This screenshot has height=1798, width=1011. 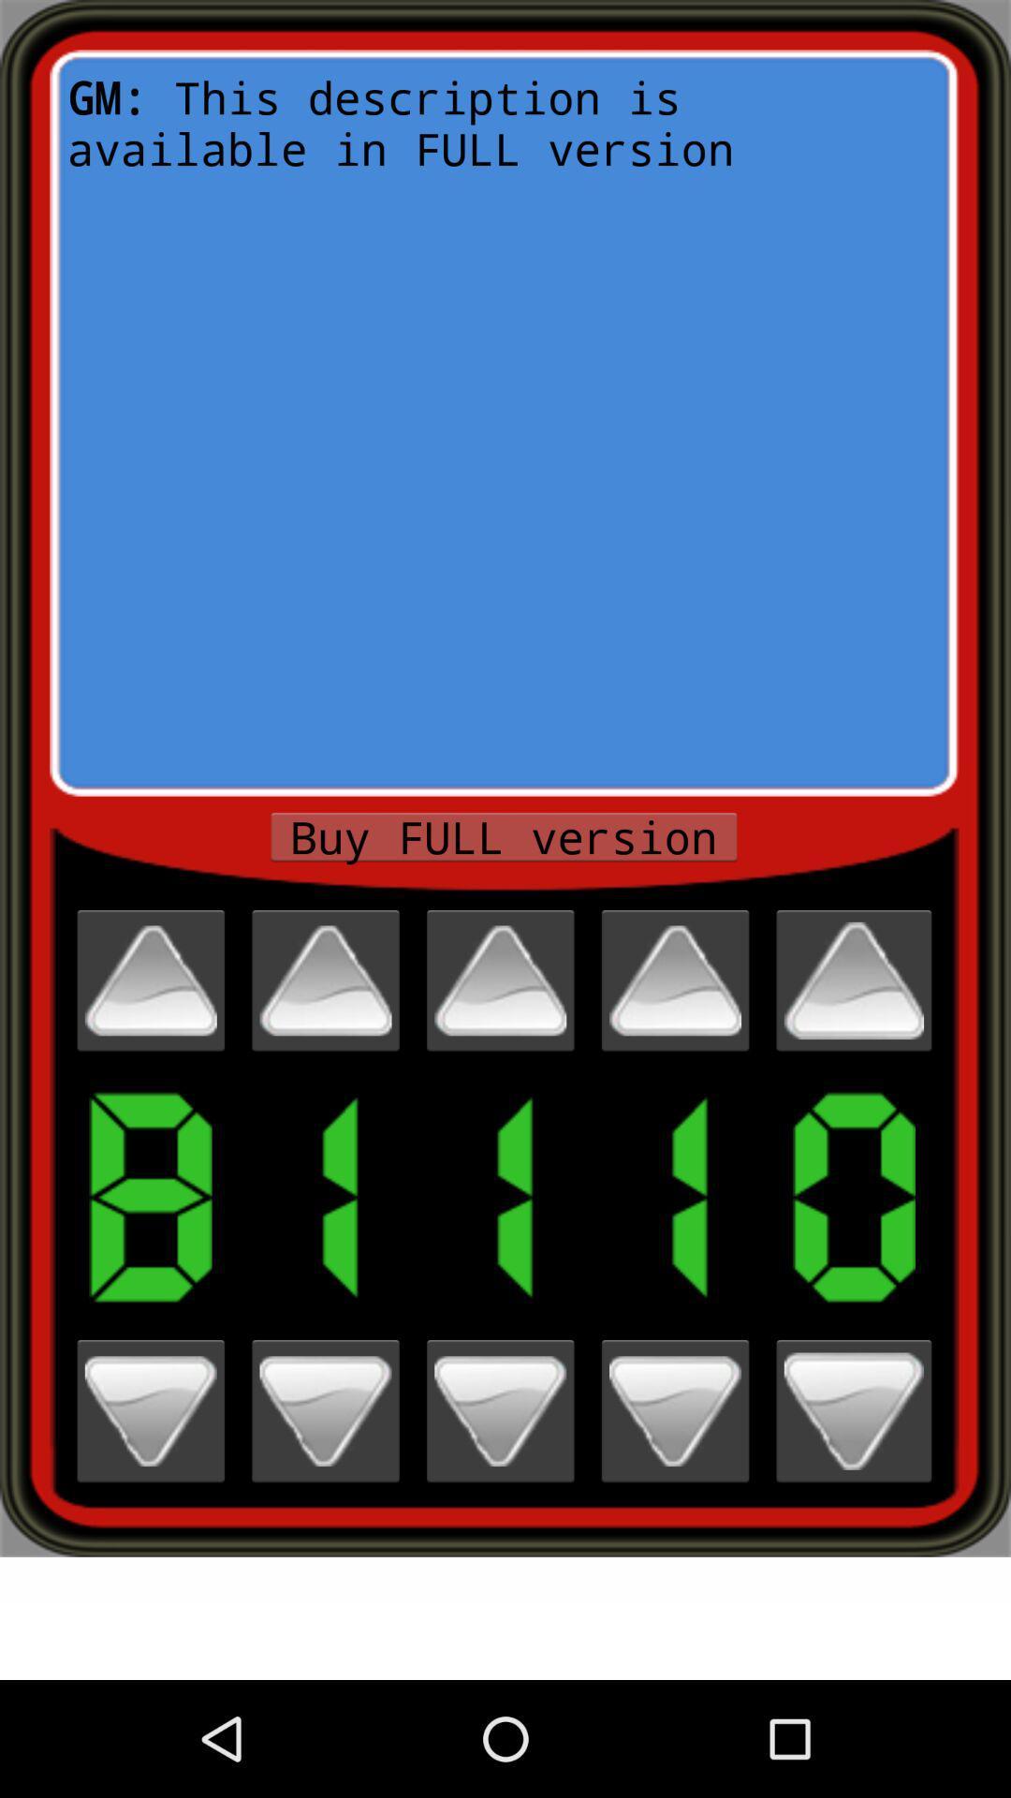 What do you see at coordinates (324, 1411) in the screenshot?
I see `scroll down one digit` at bounding box center [324, 1411].